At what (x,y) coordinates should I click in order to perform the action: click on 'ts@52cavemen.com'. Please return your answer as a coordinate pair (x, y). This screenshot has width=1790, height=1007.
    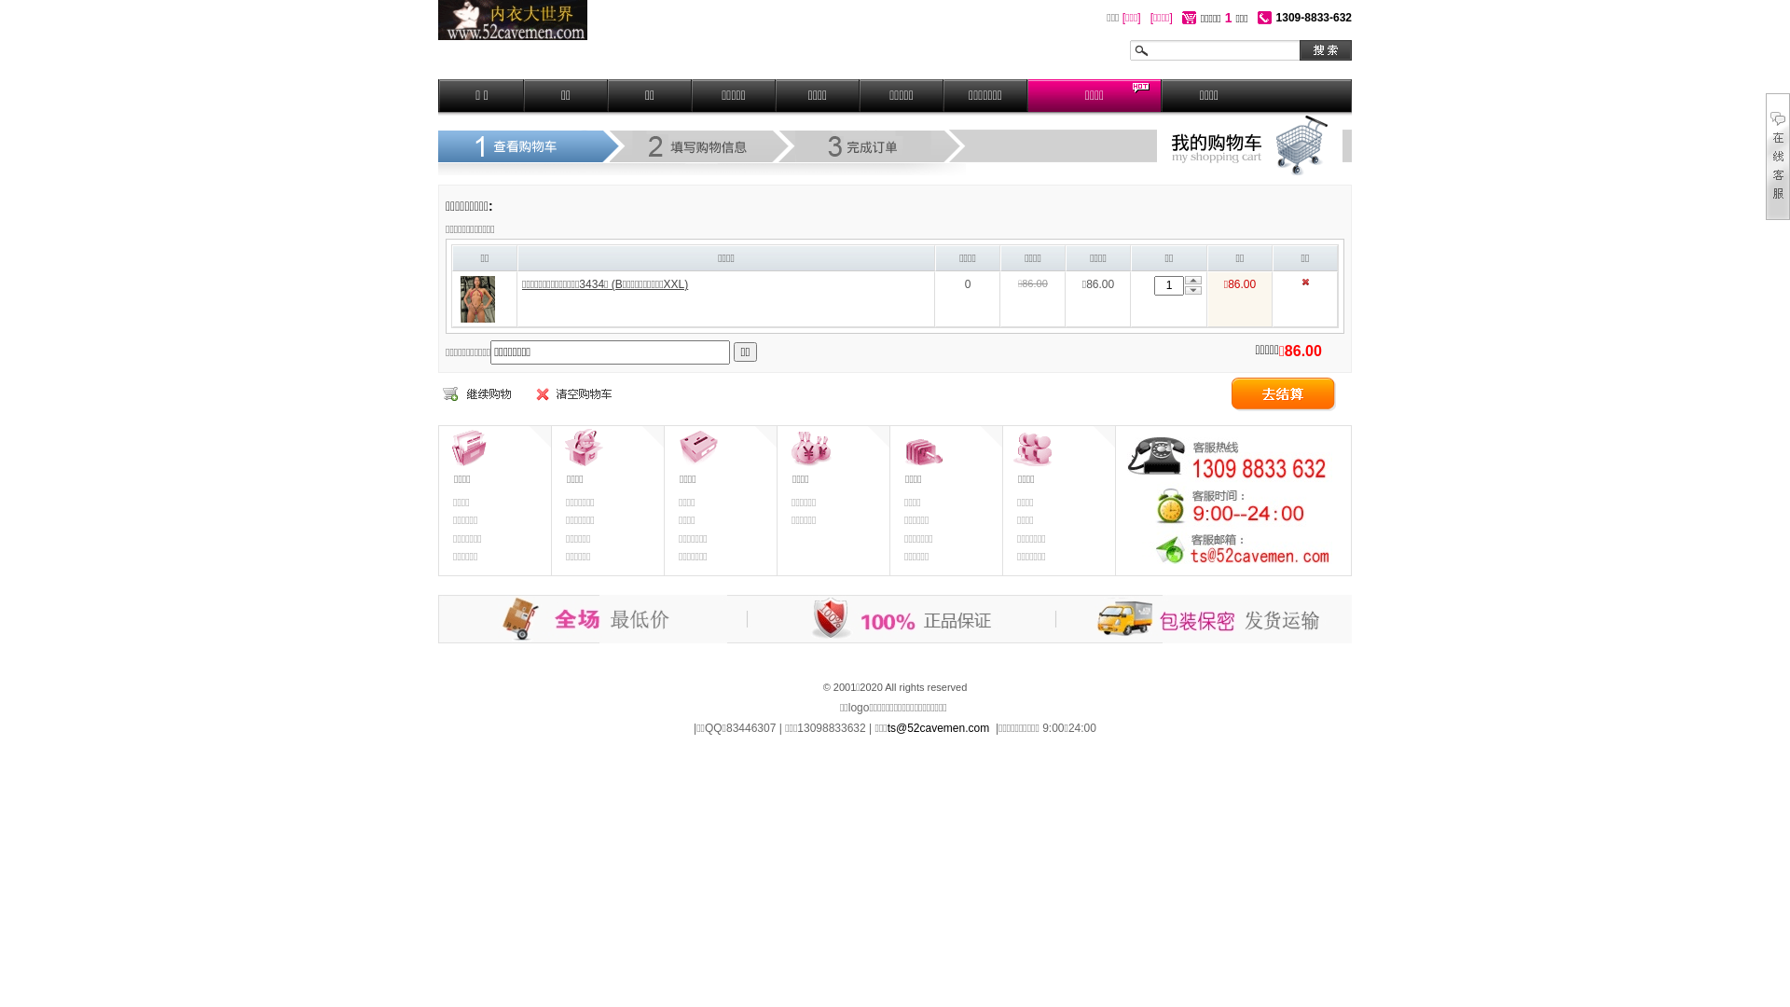
    Looking at the image, I should click on (939, 726).